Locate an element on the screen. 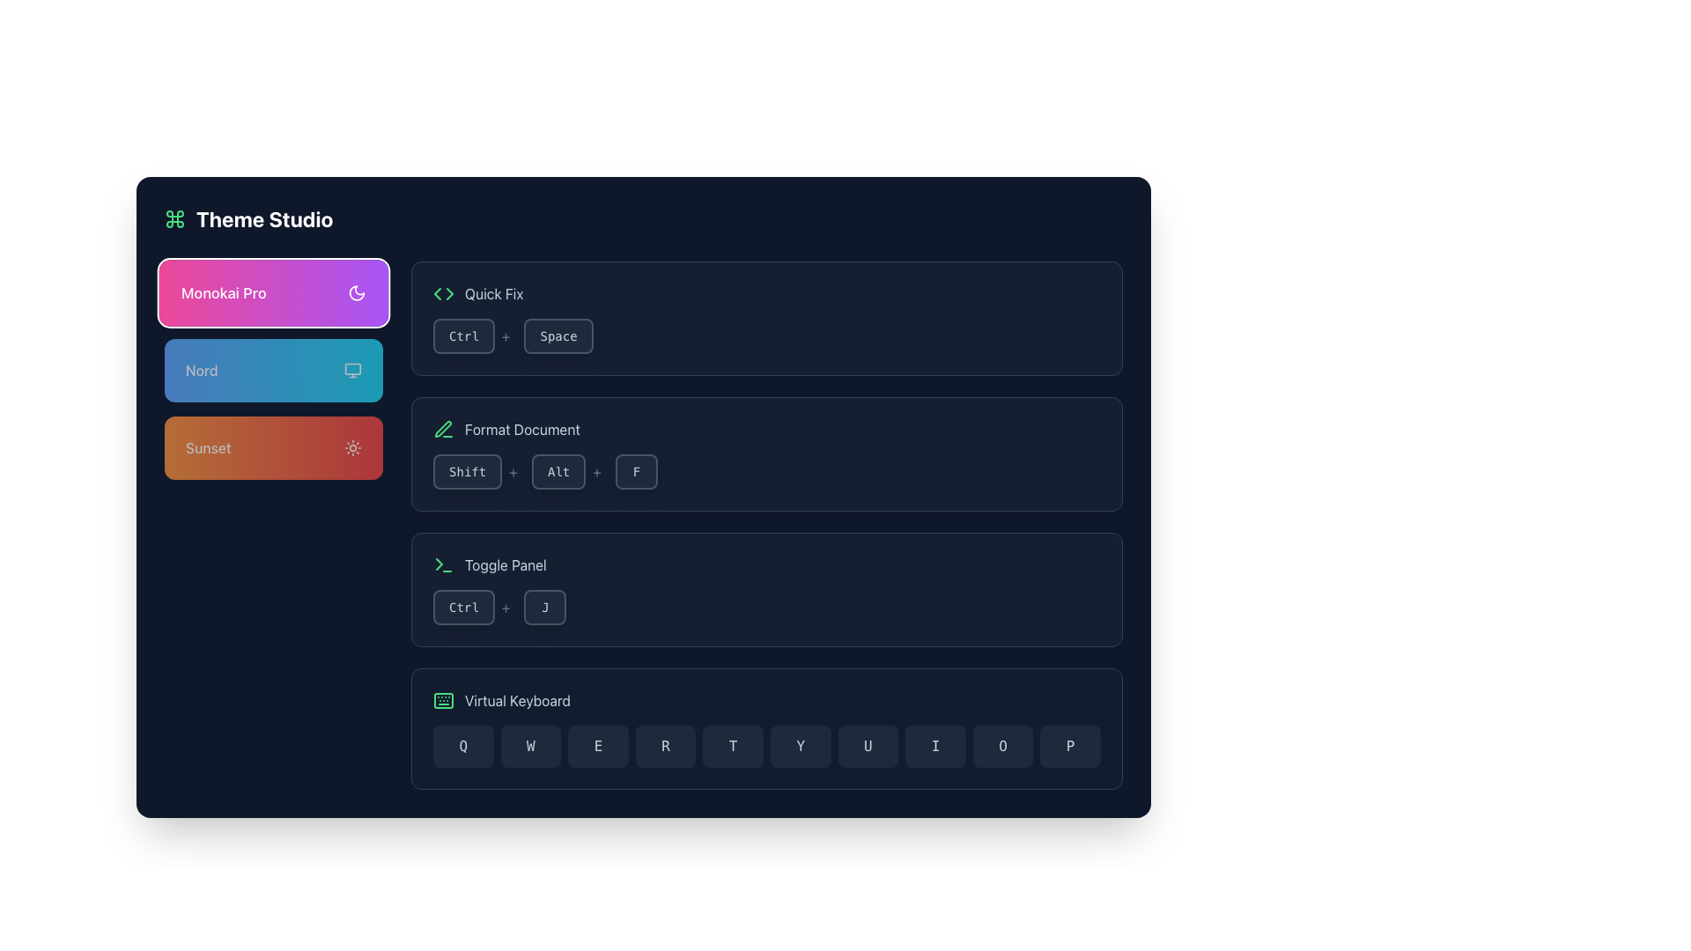 Image resolution: width=1691 pixels, height=951 pixels. the visual separator text element located to the right of the 'Ctrl' button, which represents a keyboard combination is located at coordinates (505, 607).